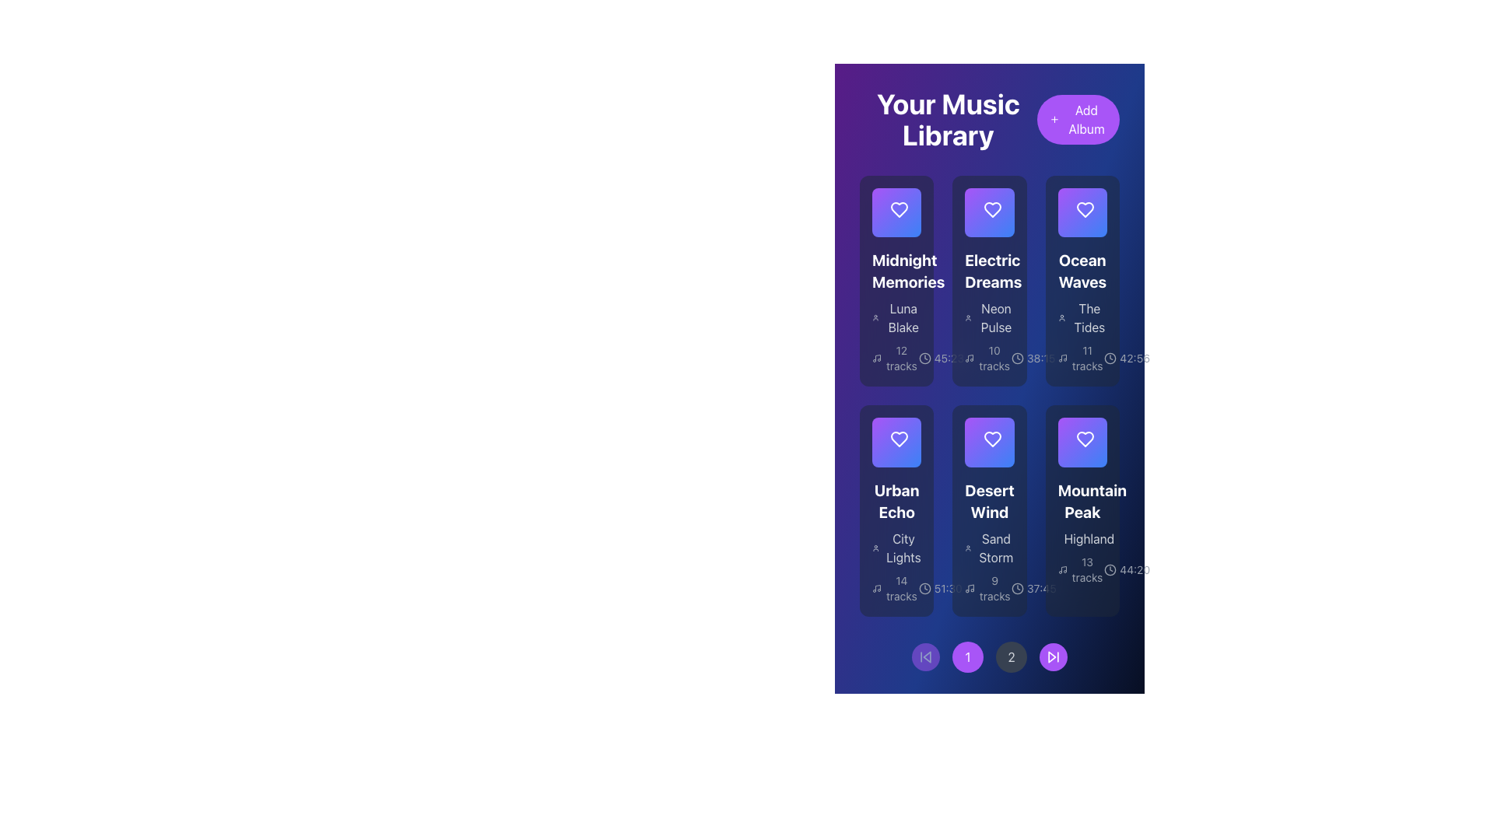  Describe the element at coordinates (994, 588) in the screenshot. I see `the textual information display that indicates the number of tracks in the 'Desert Wind' album, located in the lower section of the album card, near the left corner` at that location.